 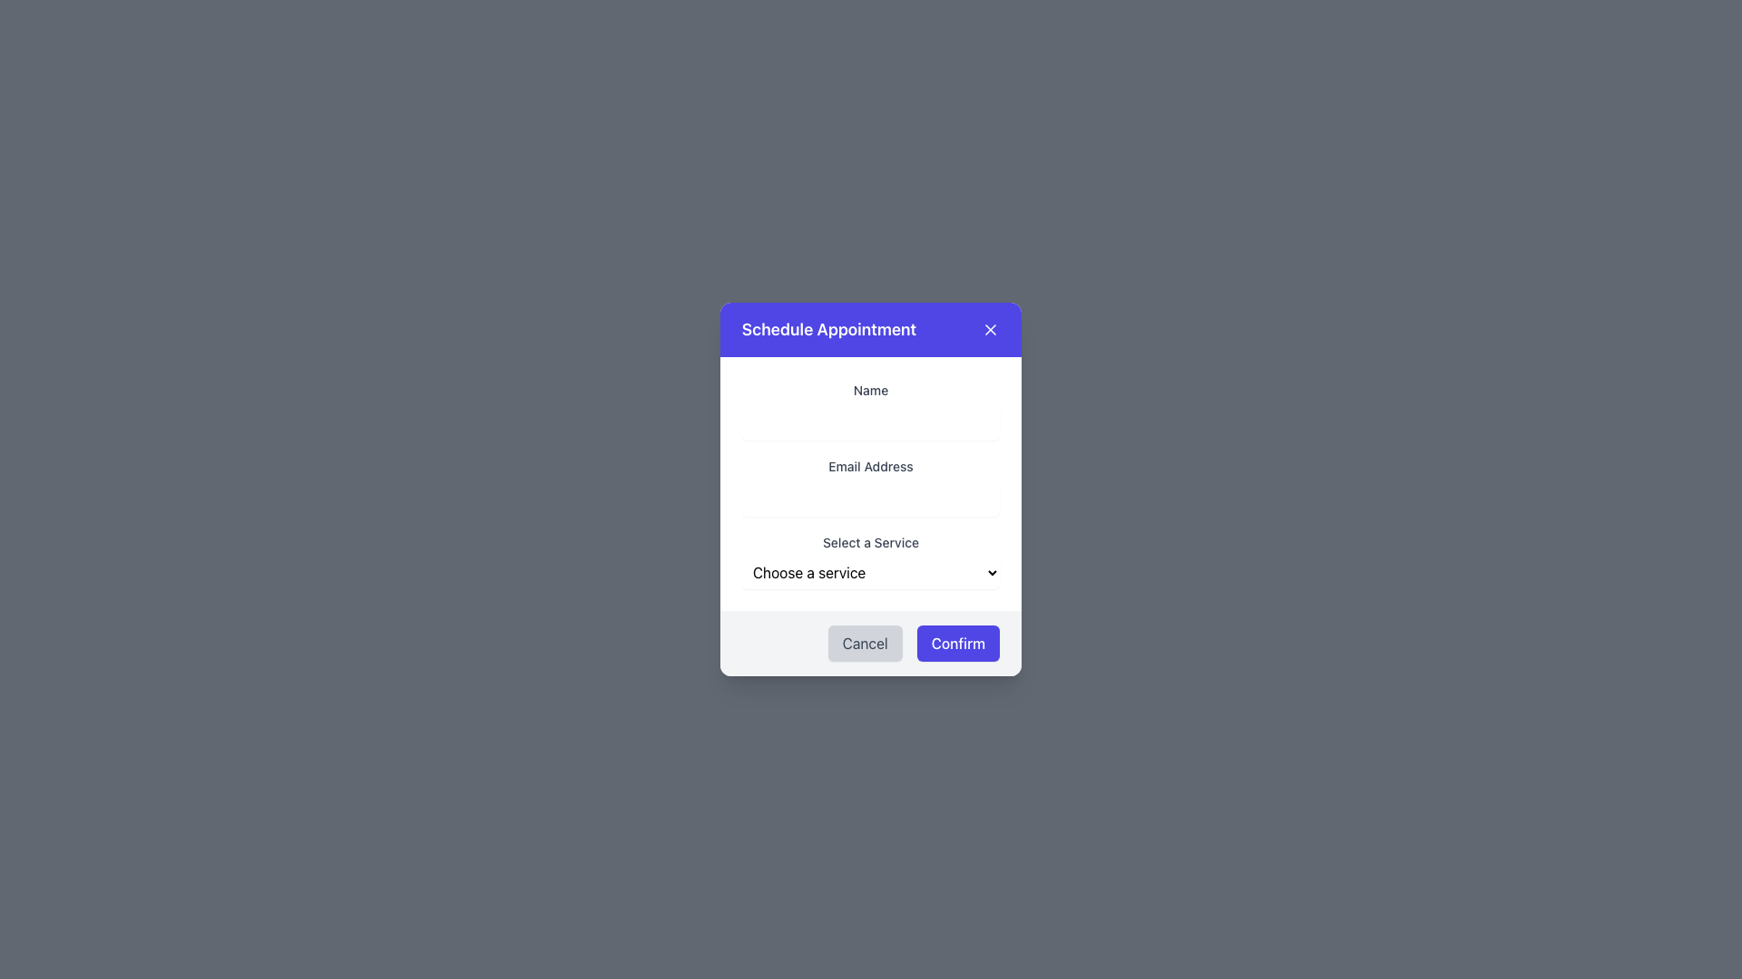 I want to click on the 'Cancel' button located at the bottom left of the modal dialog to trigger the hover effect, so click(x=864, y=642).